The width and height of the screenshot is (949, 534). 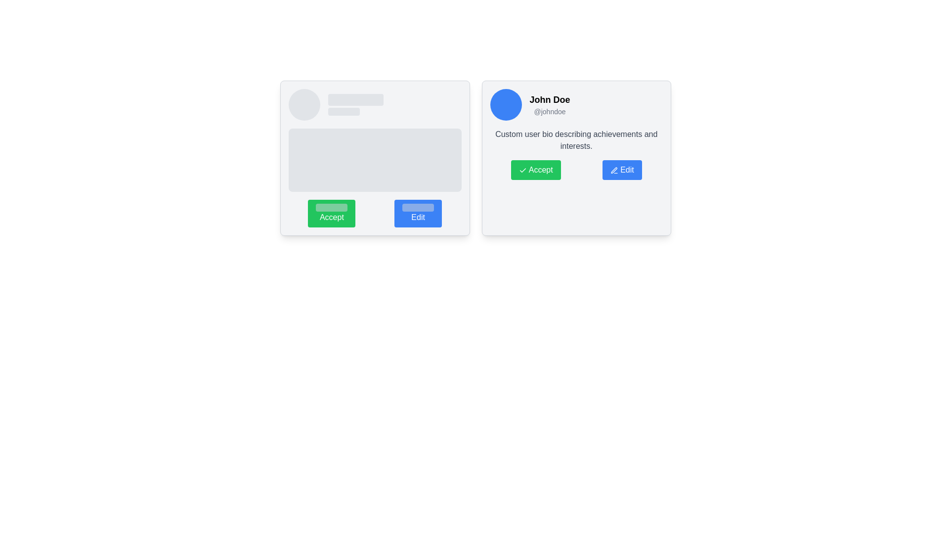 What do you see at coordinates (549, 99) in the screenshot?
I see `the bold-styled text label reading 'John Doe' located in the user profile panel on the right side of the interface, positioned above the smaller text '@johndoe'` at bounding box center [549, 99].